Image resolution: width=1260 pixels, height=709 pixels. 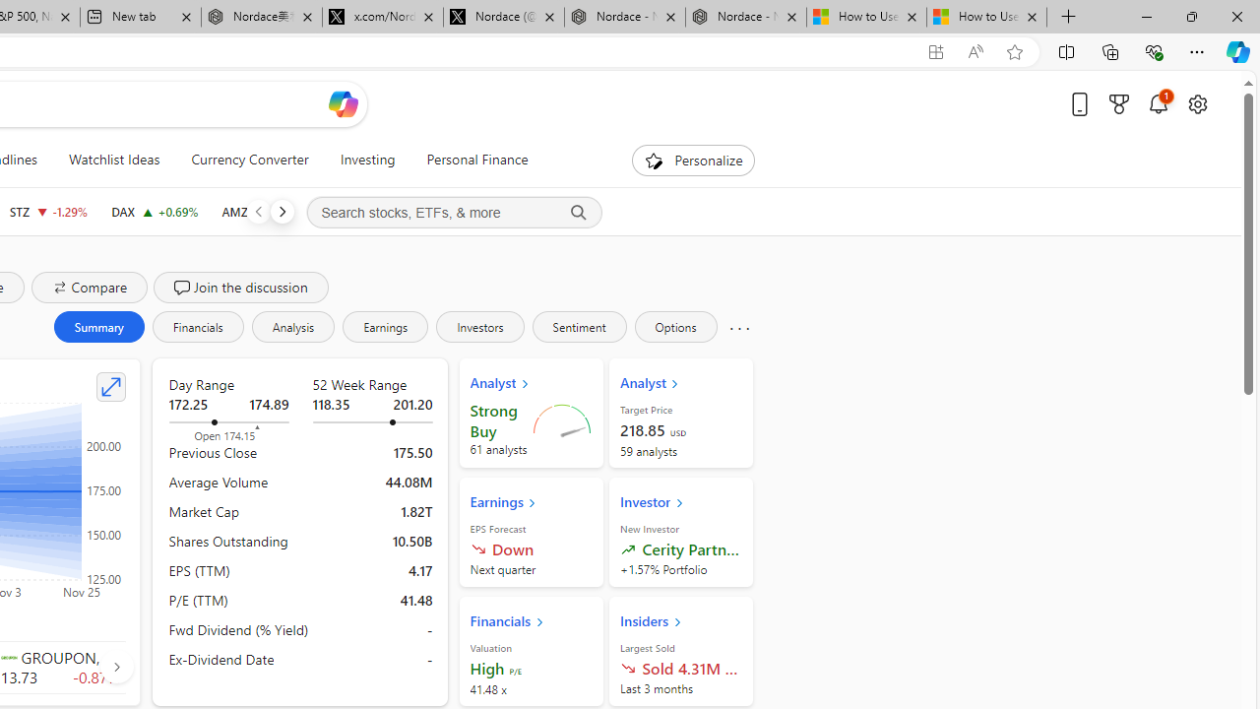 I want to click on 'Investing', so click(x=367, y=160).